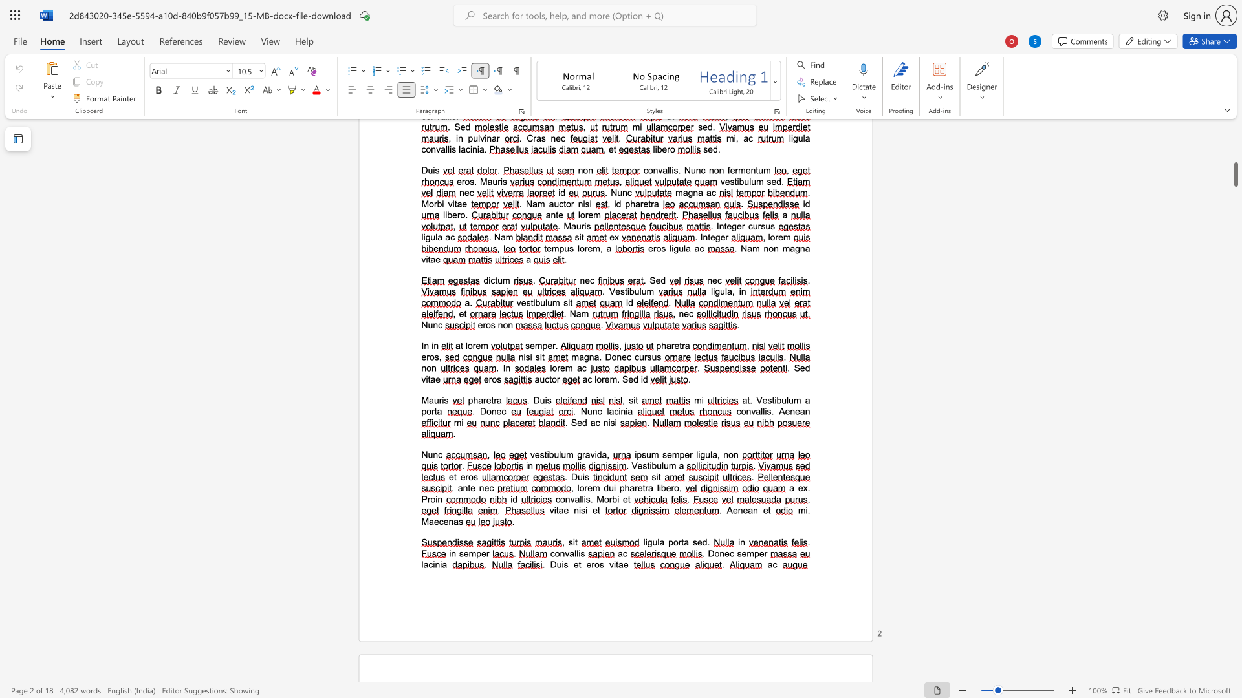  Describe the element at coordinates (762, 399) in the screenshot. I see `the space between the continuous character "V" and "e" in the text` at that location.